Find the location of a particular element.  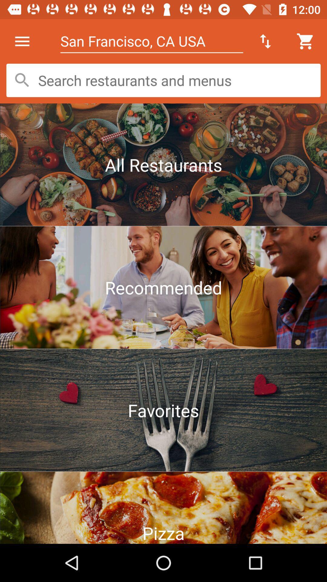

the san francisco ca item is located at coordinates (151, 41).